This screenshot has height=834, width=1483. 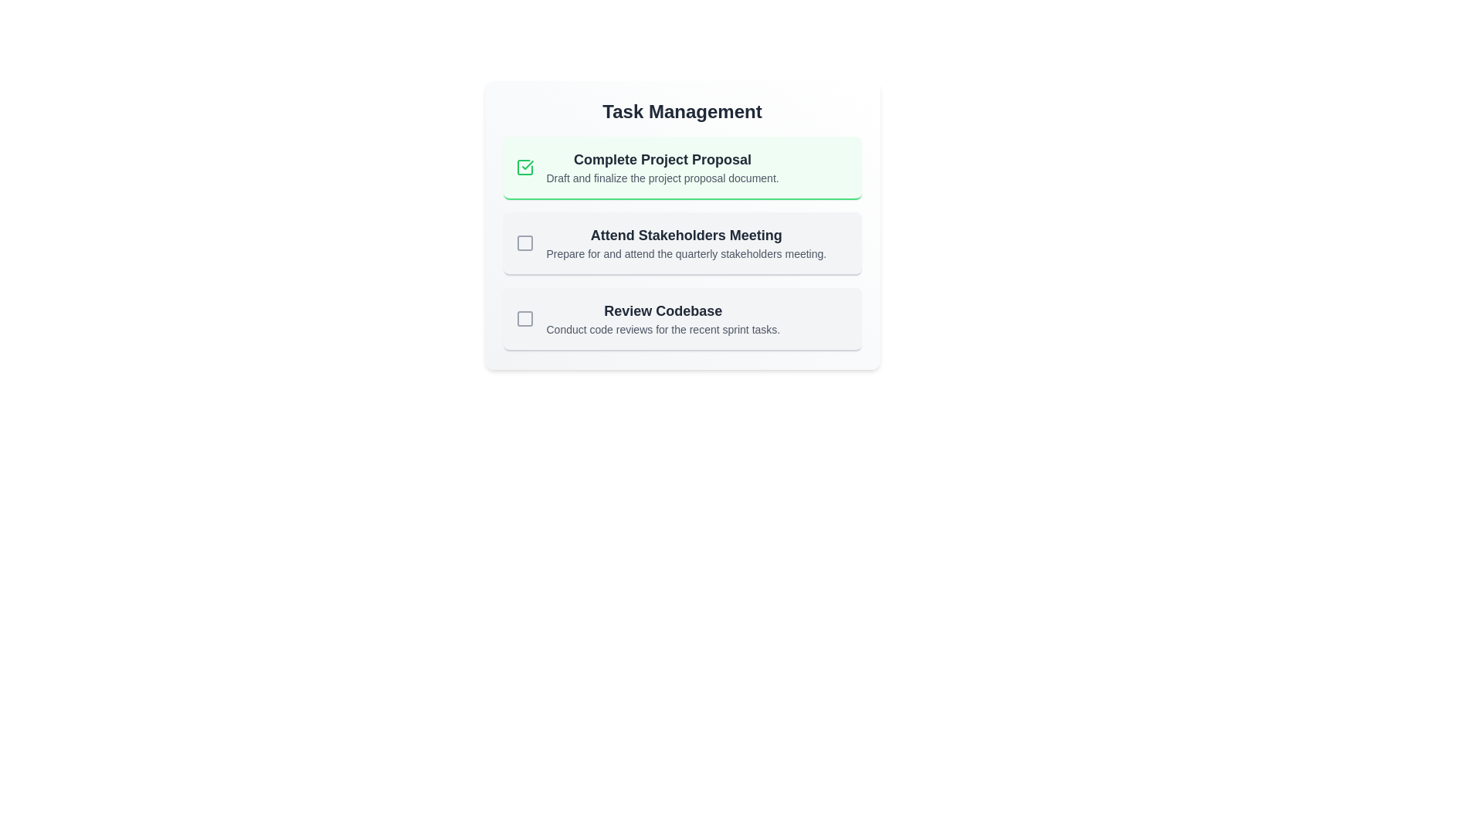 I want to click on the text label reading 'Complete Project Proposal', so click(x=663, y=160).